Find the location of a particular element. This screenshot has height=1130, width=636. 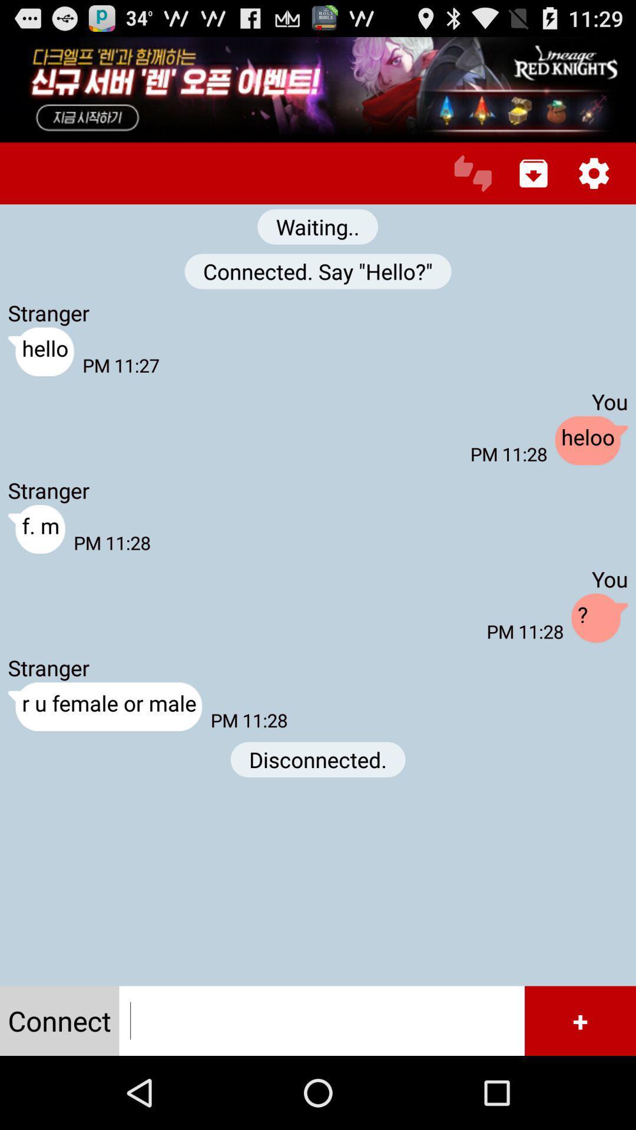

the settings icon is located at coordinates (594, 185).